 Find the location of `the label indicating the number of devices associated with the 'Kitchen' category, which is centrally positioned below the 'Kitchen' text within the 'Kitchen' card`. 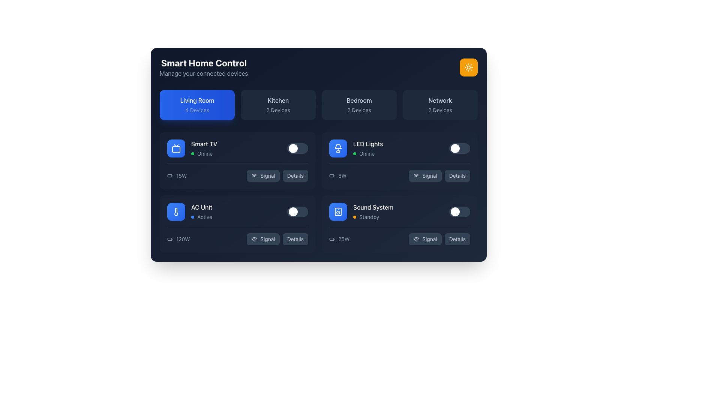

the label indicating the number of devices associated with the 'Kitchen' category, which is centrally positioned below the 'Kitchen' text within the 'Kitchen' card is located at coordinates (278, 110).